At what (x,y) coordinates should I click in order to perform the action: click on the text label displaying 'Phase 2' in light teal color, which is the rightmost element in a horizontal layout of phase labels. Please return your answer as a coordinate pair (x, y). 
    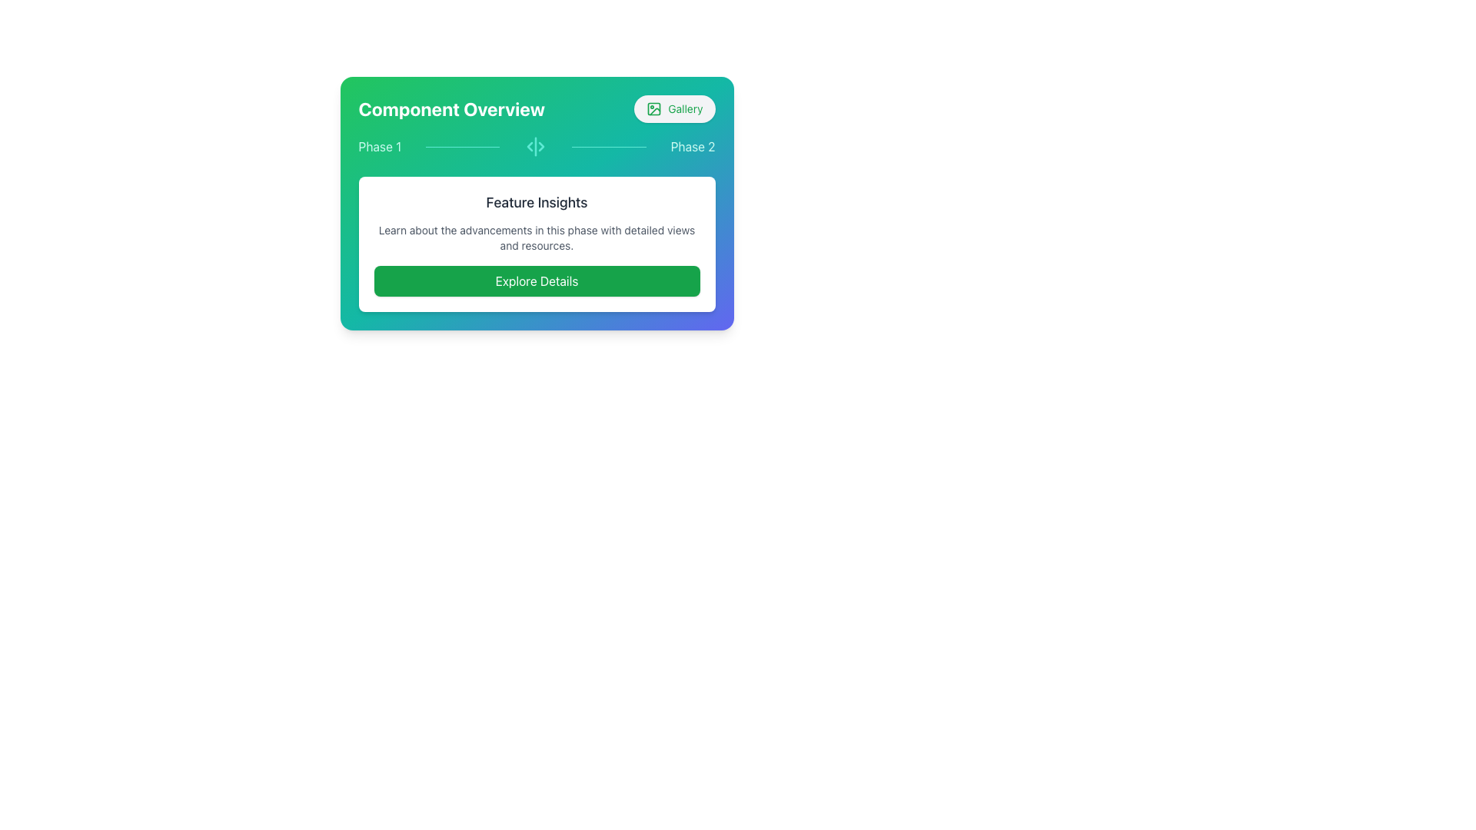
    Looking at the image, I should click on (692, 147).